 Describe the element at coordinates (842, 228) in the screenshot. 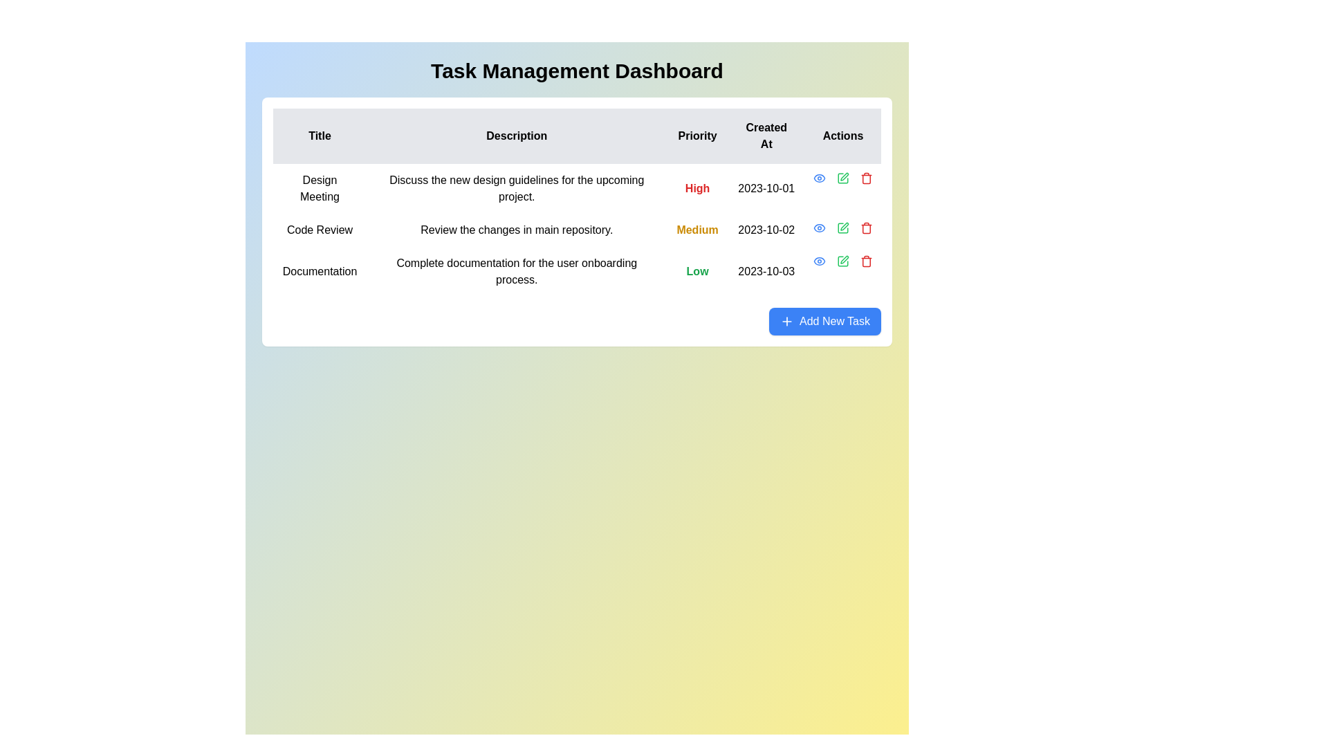

I see `the edit action button, which is the second icon in the 'Actions' column of the second row in the table` at that location.